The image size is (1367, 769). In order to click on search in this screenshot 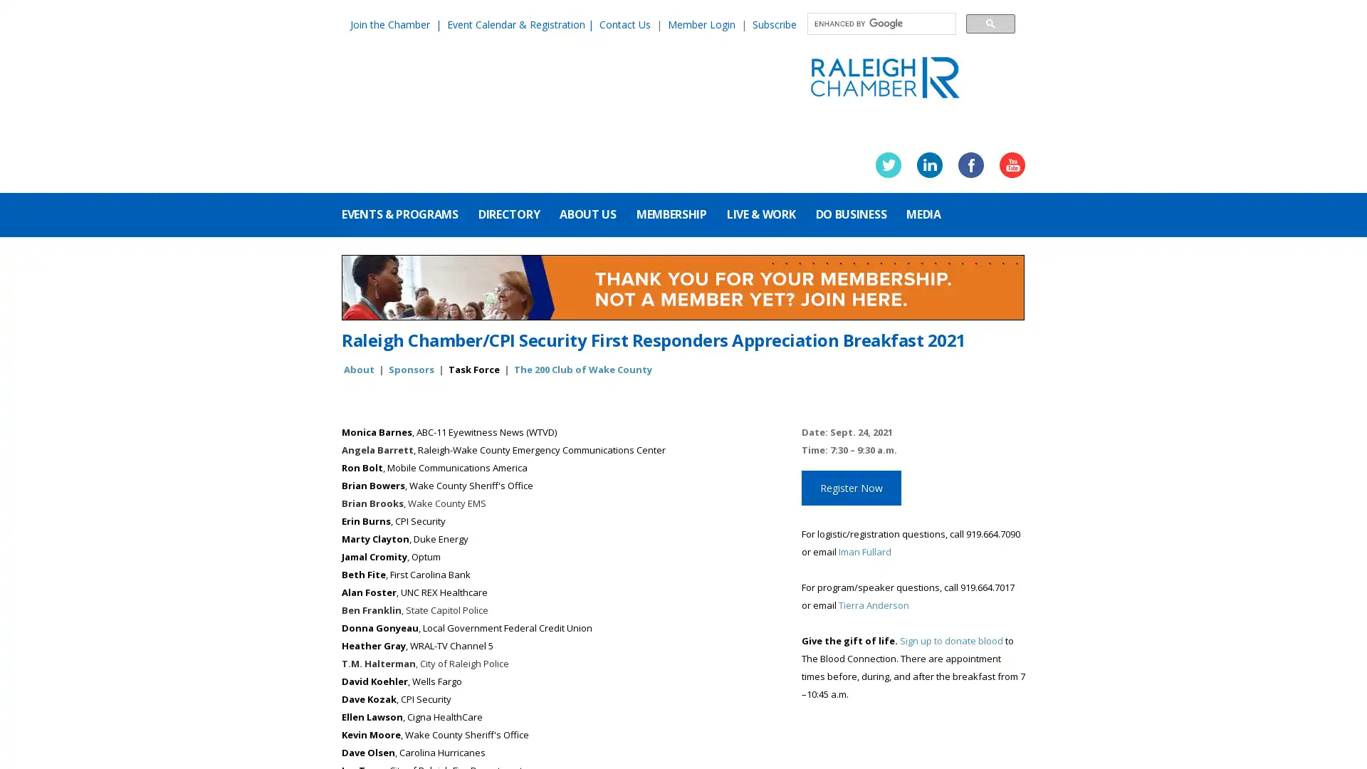, I will do `click(990, 23)`.